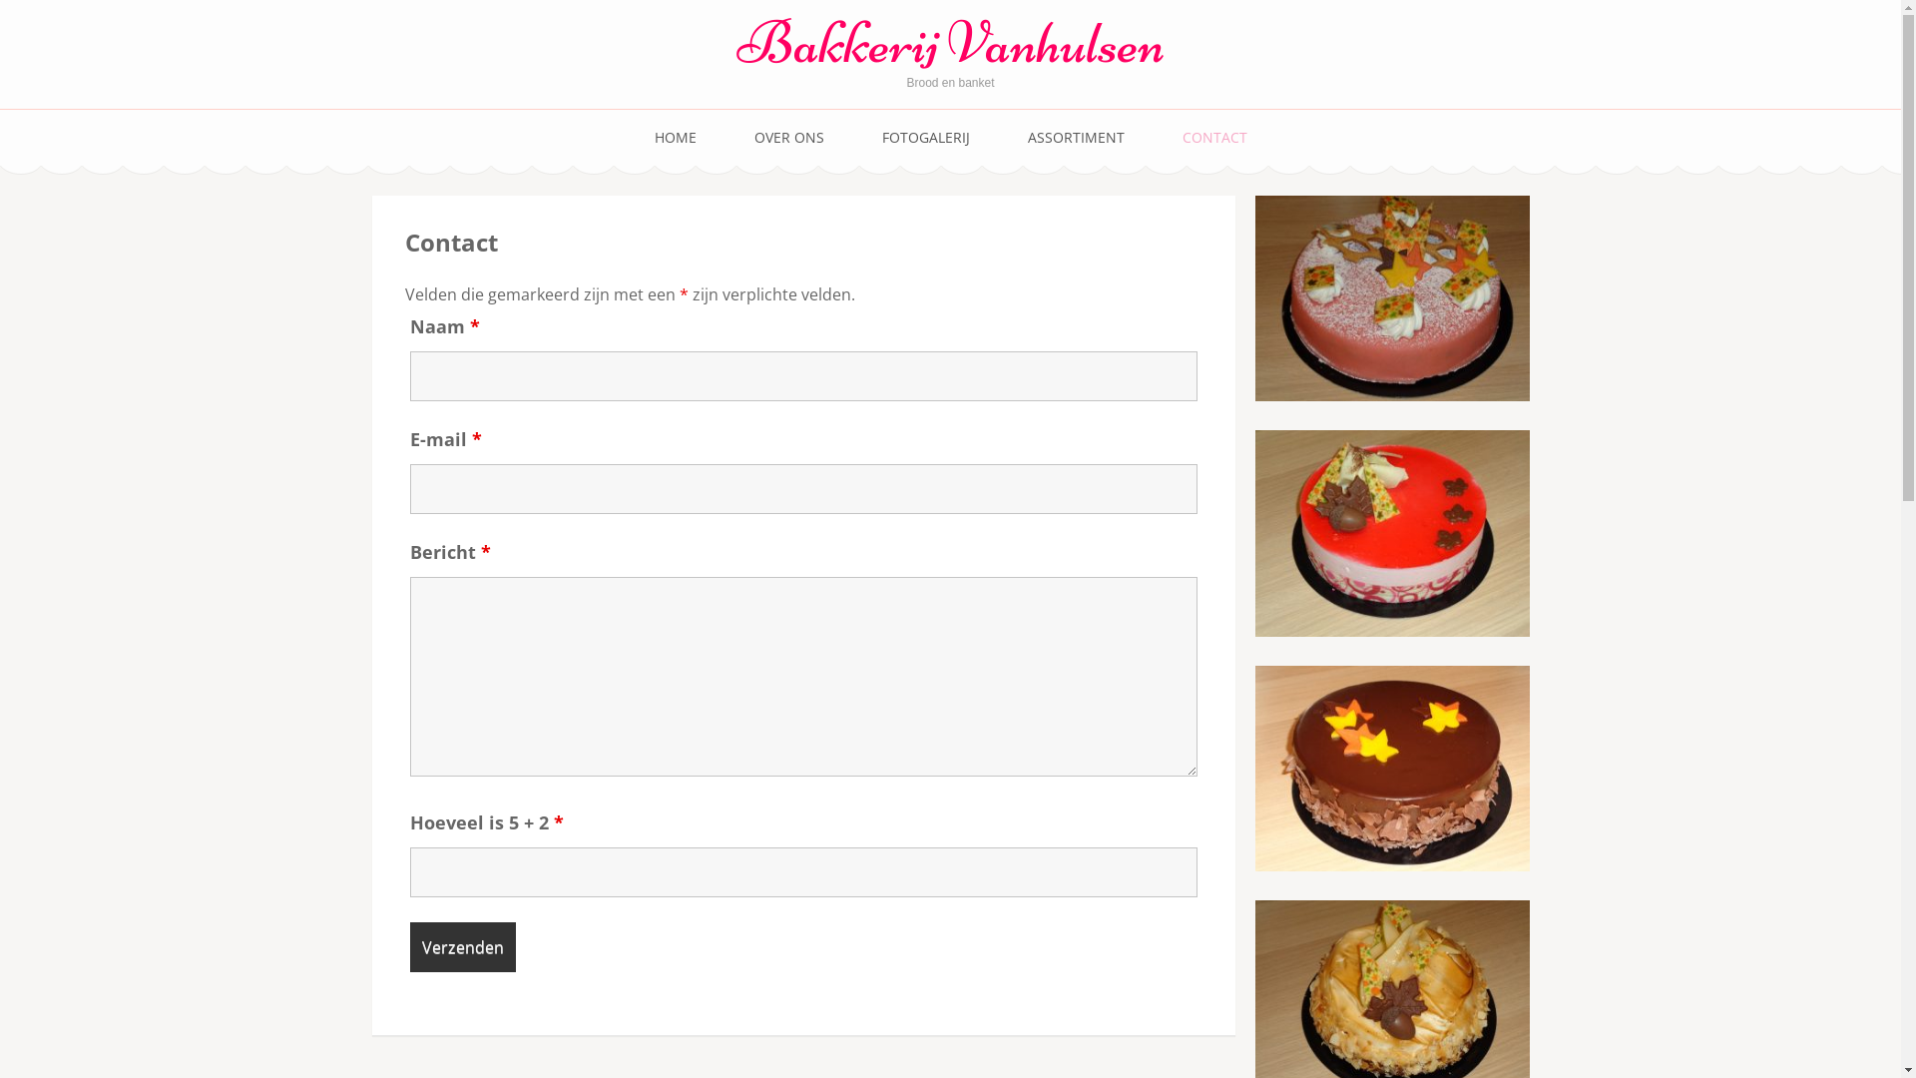 The height and width of the screenshot is (1078, 1916). What do you see at coordinates (460, 945) in the screenshot?
I see `'Verzenden'` at bounding box center [460, 945].